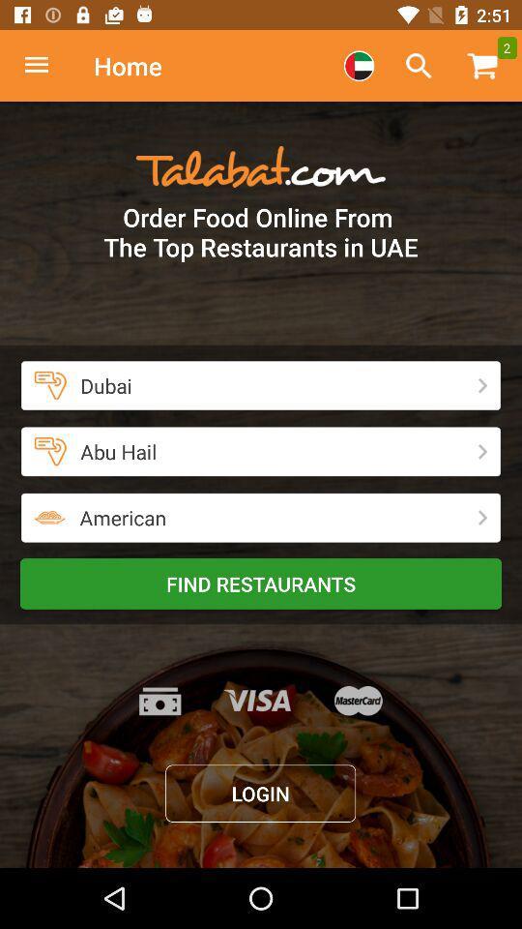  I want to click on keyword search option, so click(418, 66).